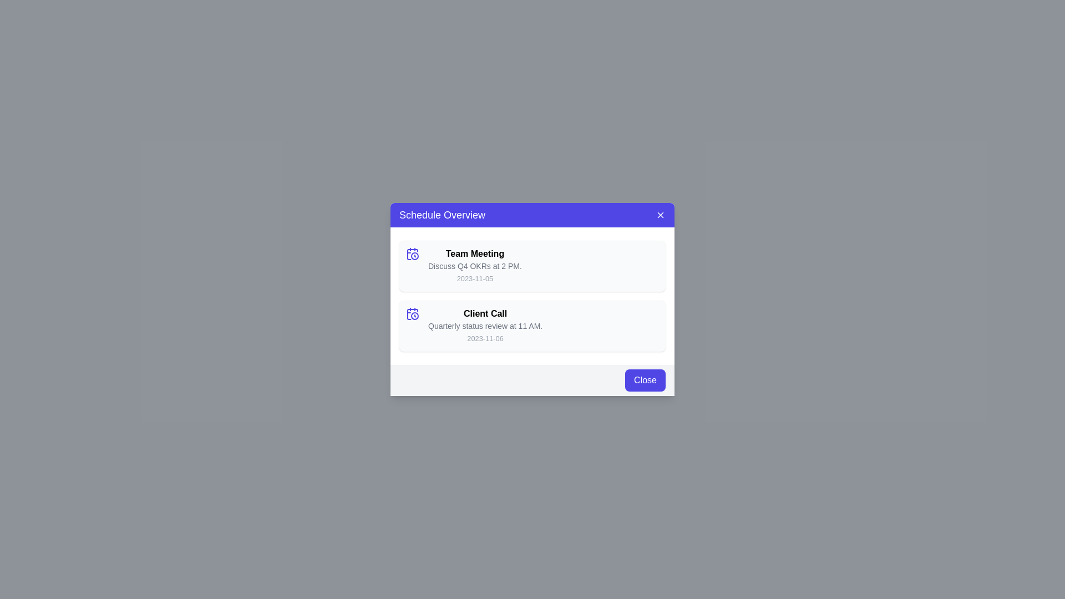 This screenshot has height=599, width=1065. Describe the element at coordinates (475, 278) in the screenshot. I see `the non-interactive text label displaying the scheduling date for the 'Team Meeting' located at the bottom right of the 'Schedule Overview' dialog box` at that location.